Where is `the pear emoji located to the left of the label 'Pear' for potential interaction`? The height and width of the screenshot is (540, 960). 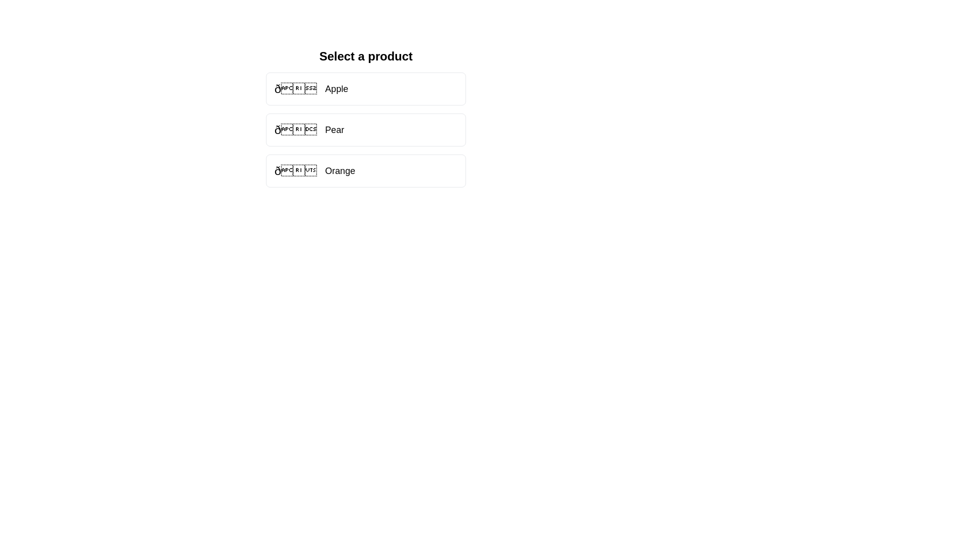
the pear emoji located to the left of the label 'Pear' for potential interaction is located at coordinates (295, 129).